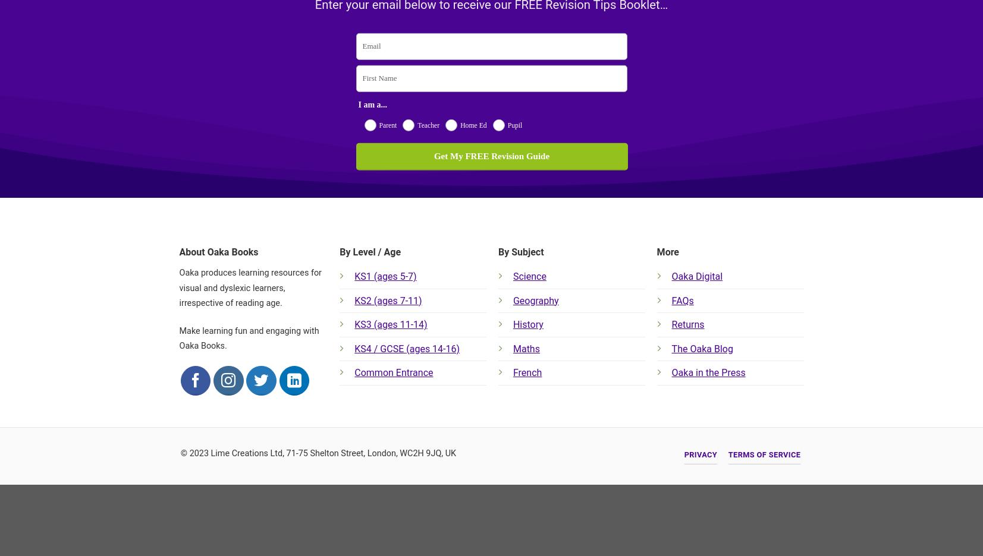 This screenshot has height=556, width=983. What do you see at coordinates (406, 348) in the screenshot?
I see `'KS4 / GCSE (ages 14-16)'` at bounding box center [406, 348].